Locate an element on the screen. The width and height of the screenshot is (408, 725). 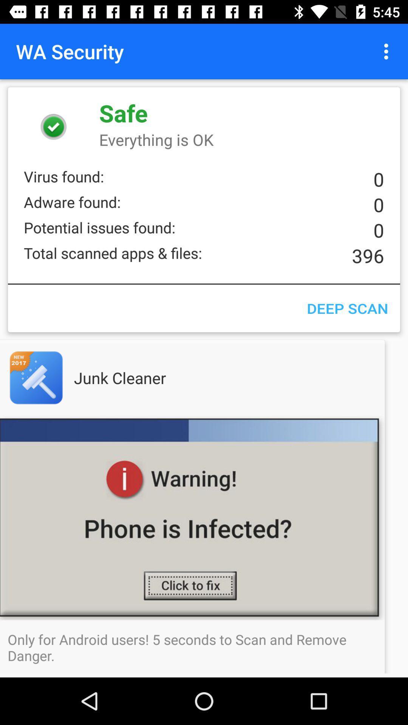
item to the left of junk cleaner icon is located at coordinates (51, 378).